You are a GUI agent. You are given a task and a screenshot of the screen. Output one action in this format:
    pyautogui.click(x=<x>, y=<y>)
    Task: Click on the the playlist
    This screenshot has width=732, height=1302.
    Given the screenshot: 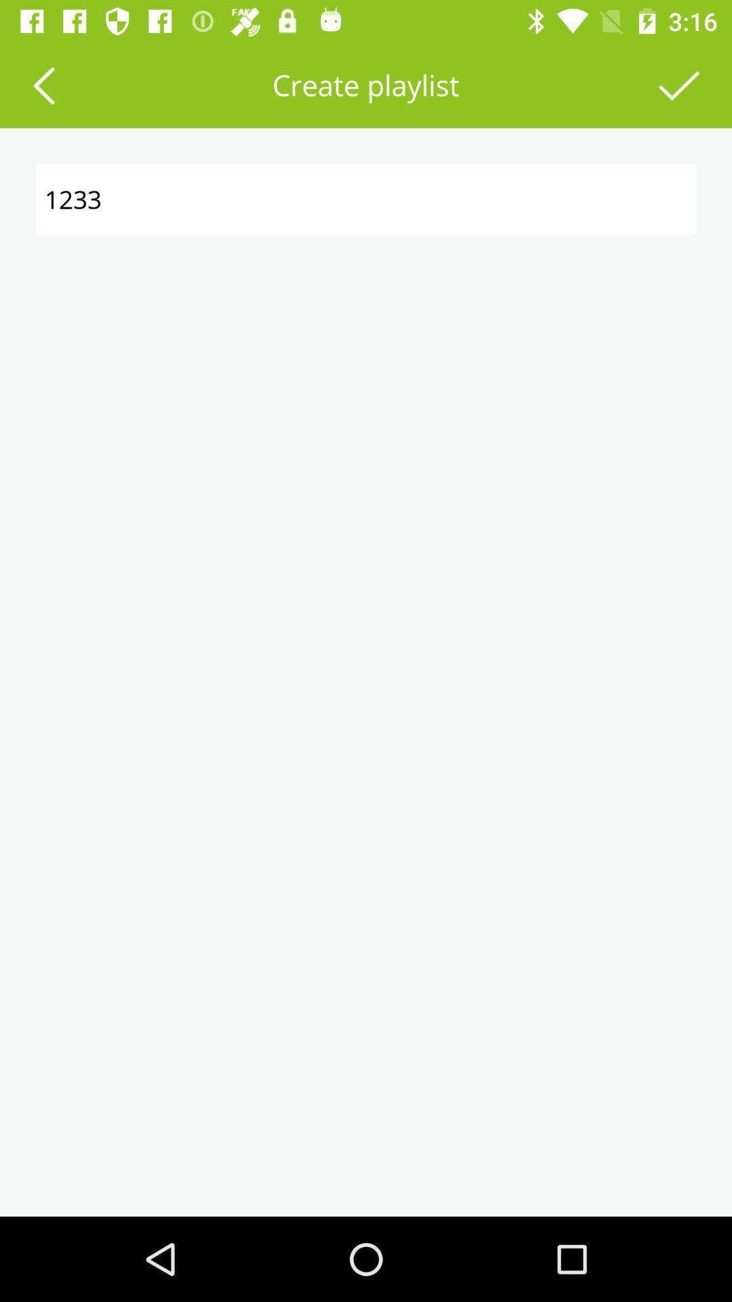 What is the action you would take?
    pyautogui.click(x=679, y=84)
    